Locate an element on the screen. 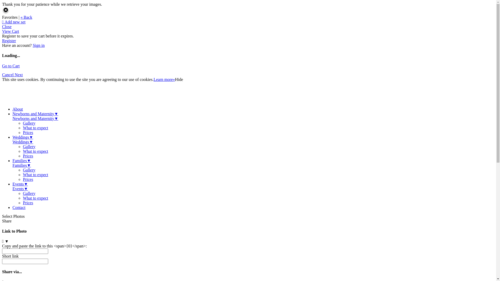 The height and width of the screenshot is (281, 500). 'Gallery' is located at coordinates (29, 123).